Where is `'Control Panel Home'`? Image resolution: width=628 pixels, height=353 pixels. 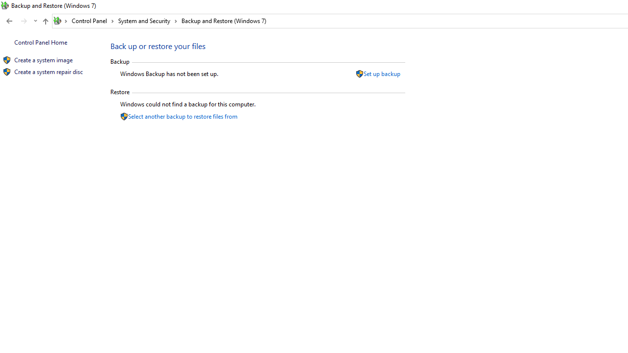 'Control Panel Home' is located at coordinates (40, 42).